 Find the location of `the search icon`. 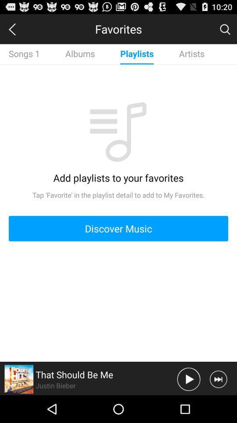

the search icon is located at coordinates (225, 31).